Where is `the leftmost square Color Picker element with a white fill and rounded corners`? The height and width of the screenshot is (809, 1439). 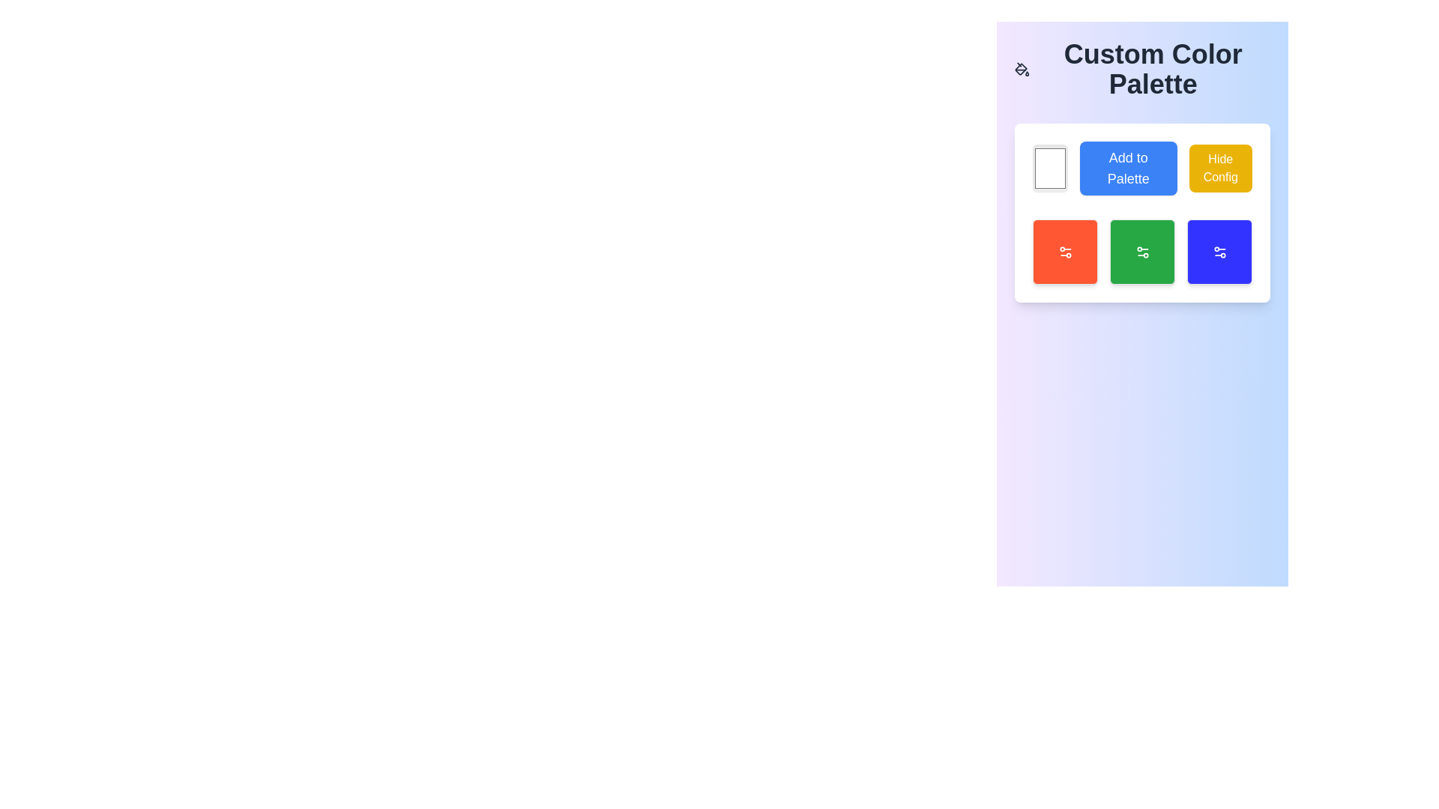
the leftmost square Color Picker element with a white fill and rounded corners is located at coordinates (1049, 168).